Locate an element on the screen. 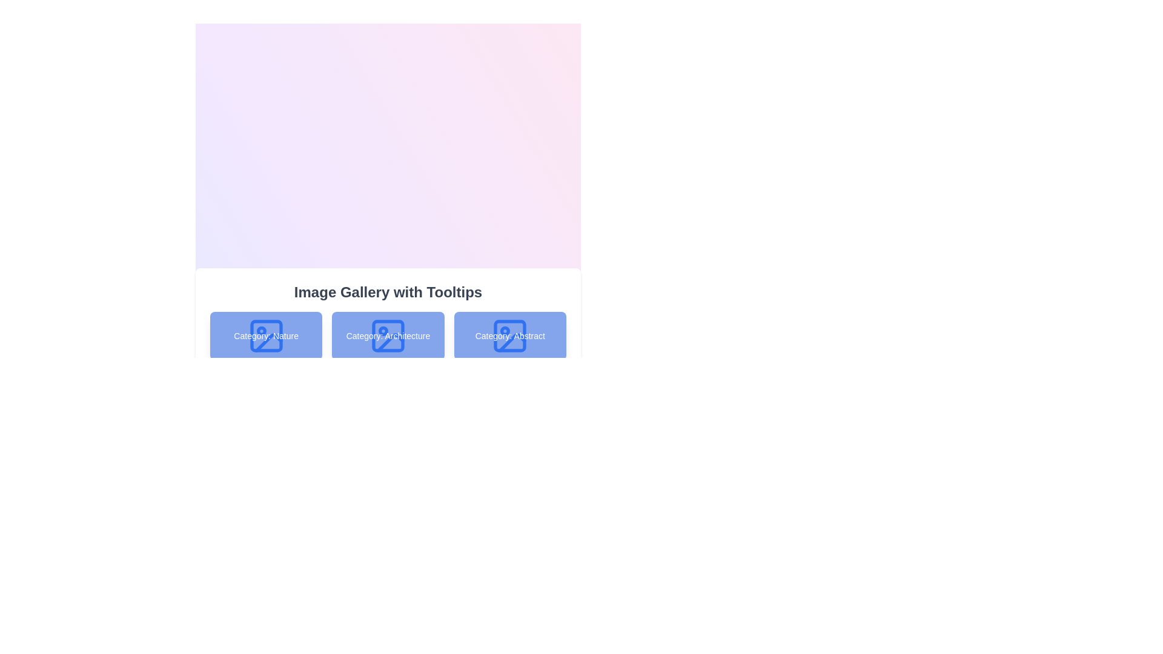  the decorative SVG Circle located within the second icon labeled 'Category: Architecture', situated slightly below the center of the icon is located at coordinates (383, 331).